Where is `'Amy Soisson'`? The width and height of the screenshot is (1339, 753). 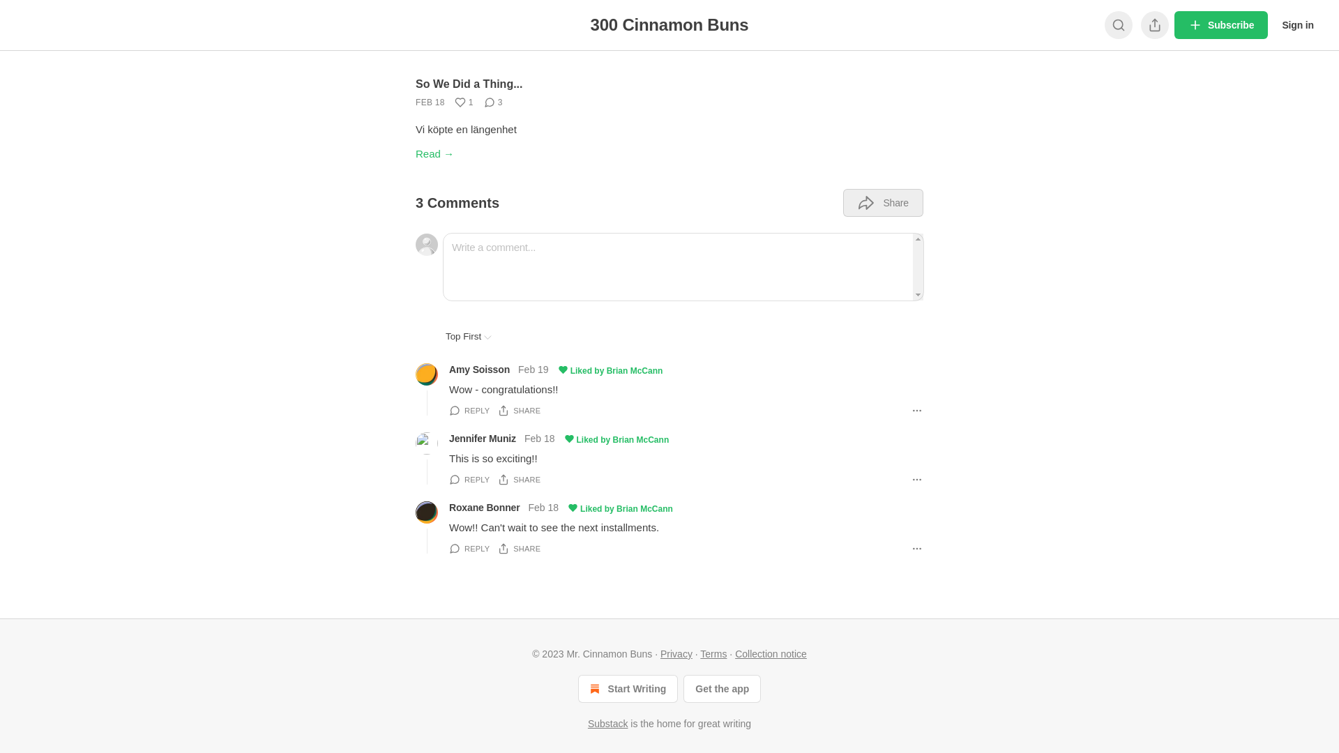
'Amy Soisson' is located at coordinates (479, 368).